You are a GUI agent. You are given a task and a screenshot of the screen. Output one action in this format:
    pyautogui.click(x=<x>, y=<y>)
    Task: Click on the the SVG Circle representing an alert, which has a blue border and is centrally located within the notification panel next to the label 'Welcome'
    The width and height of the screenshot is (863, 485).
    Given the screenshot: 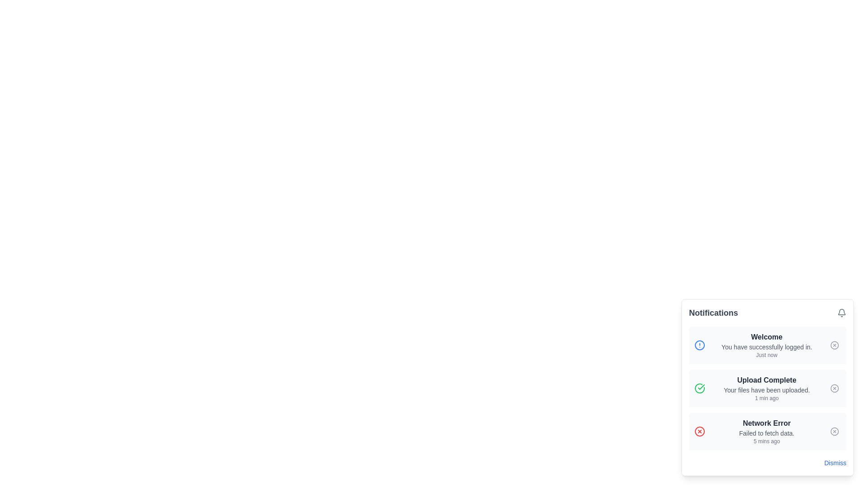 What is the action you would take?
    pyautogui.click(x=699, y=344)
    